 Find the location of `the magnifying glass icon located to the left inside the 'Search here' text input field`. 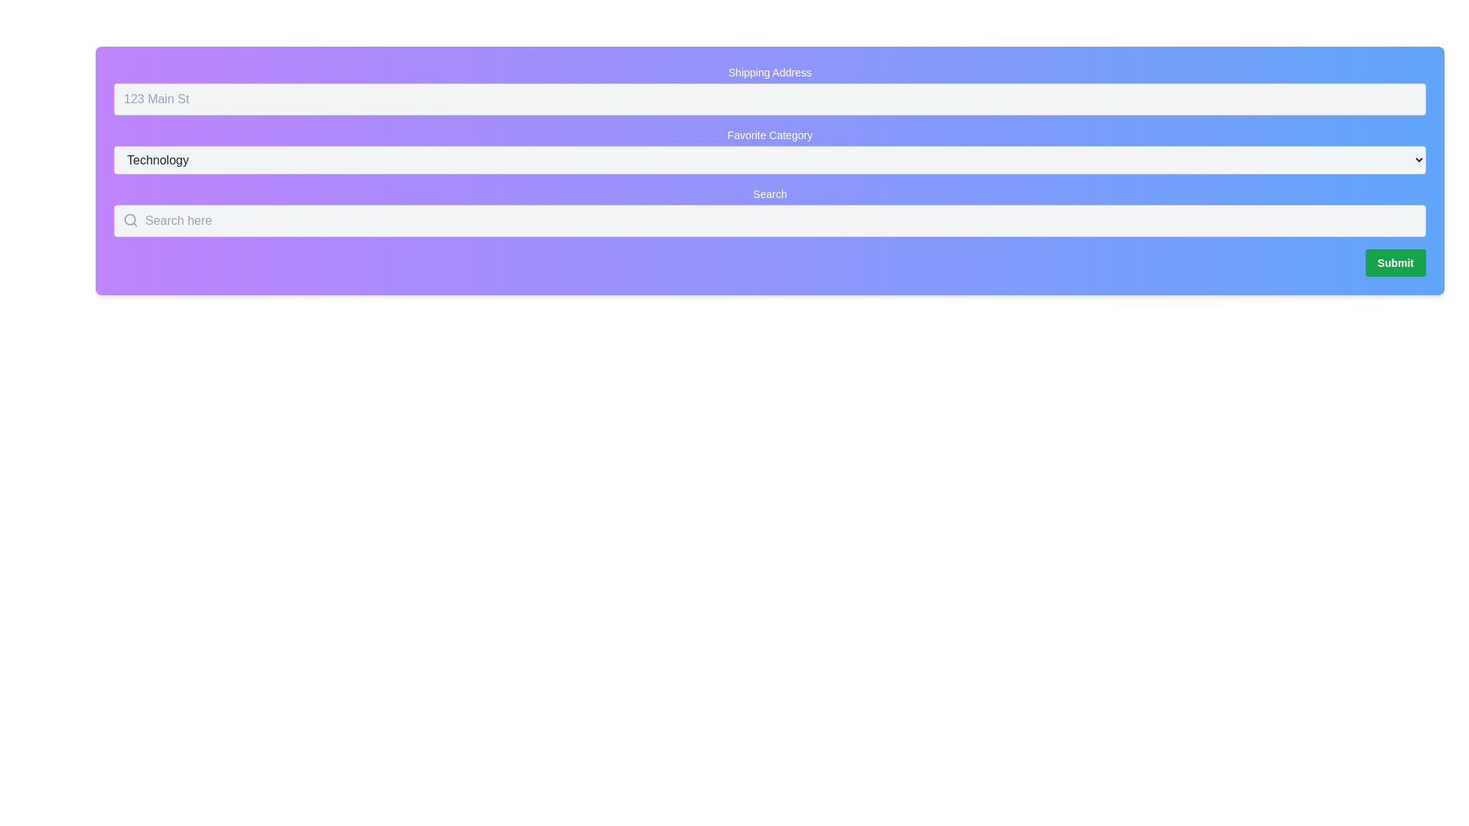

the magnifying glass icon located to the left inside the 'Search here' text input field is located at coordinates (131, 220).